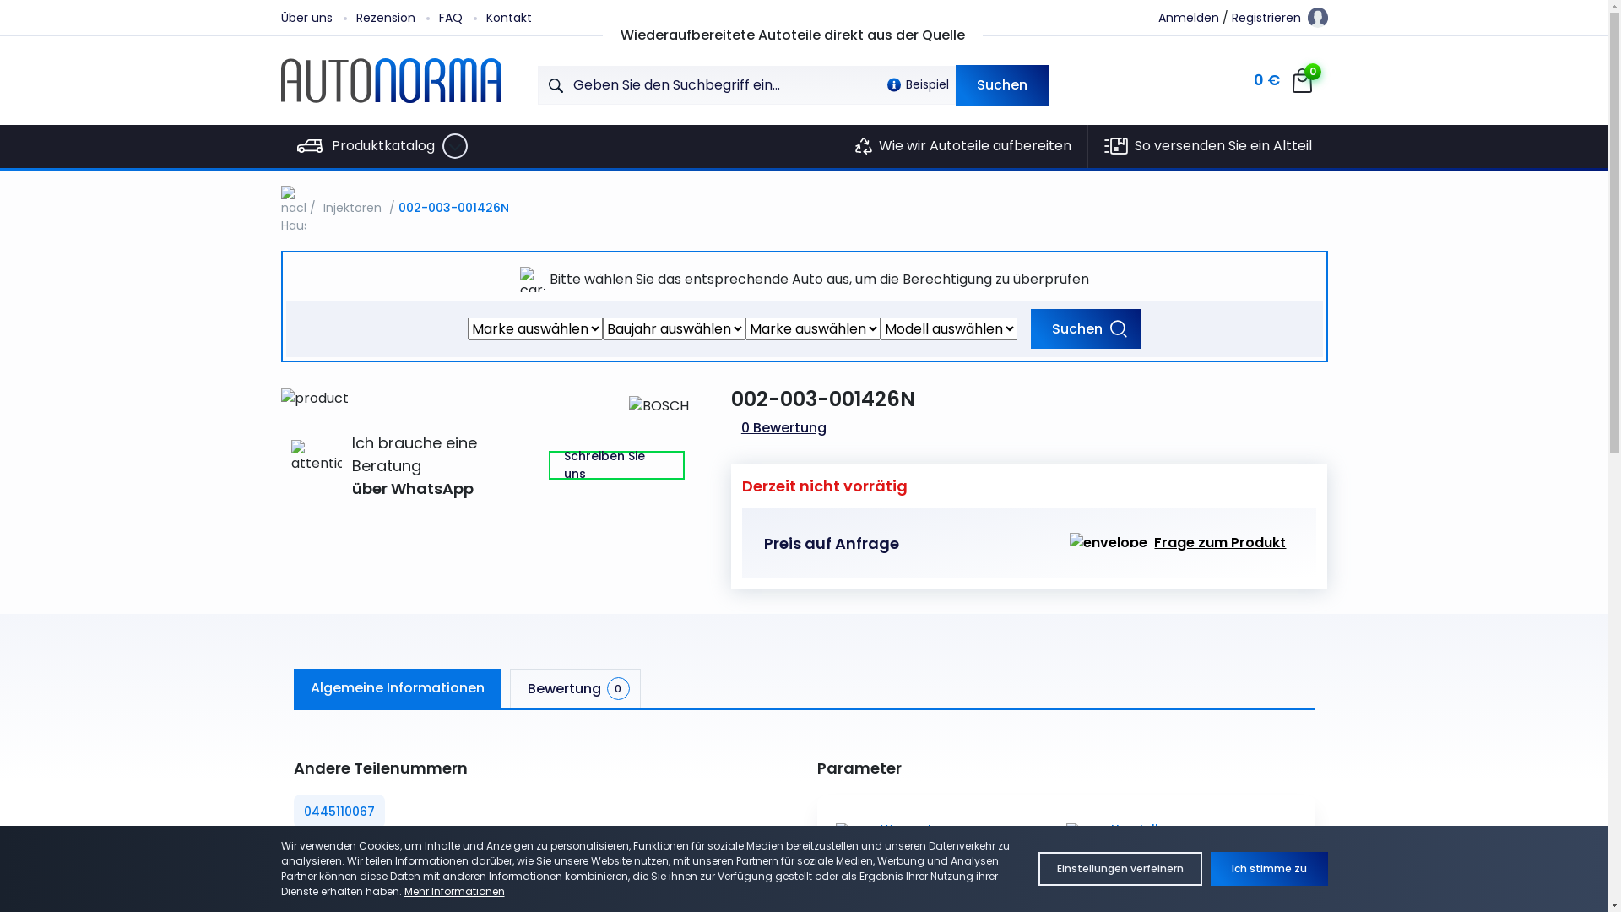  Describe the element at coordinates (396, 688) in the screenshot. I see `'Algemeine Informationen'` at that location.